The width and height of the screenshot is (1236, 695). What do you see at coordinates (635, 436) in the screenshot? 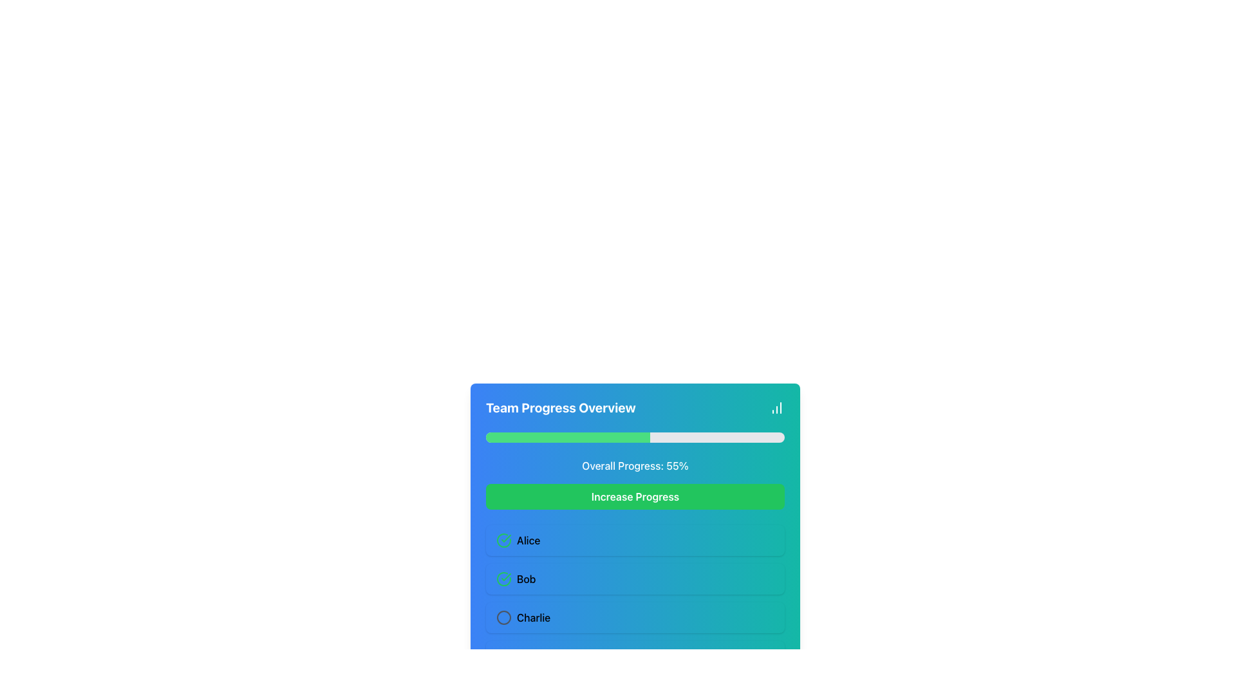
I see `the Progress Bar in the 'Team Progress Overview' card, which is a thin, horizontal bar with a gray background and a green filled section indicating 55% progress` at bounding box center [635, 436].